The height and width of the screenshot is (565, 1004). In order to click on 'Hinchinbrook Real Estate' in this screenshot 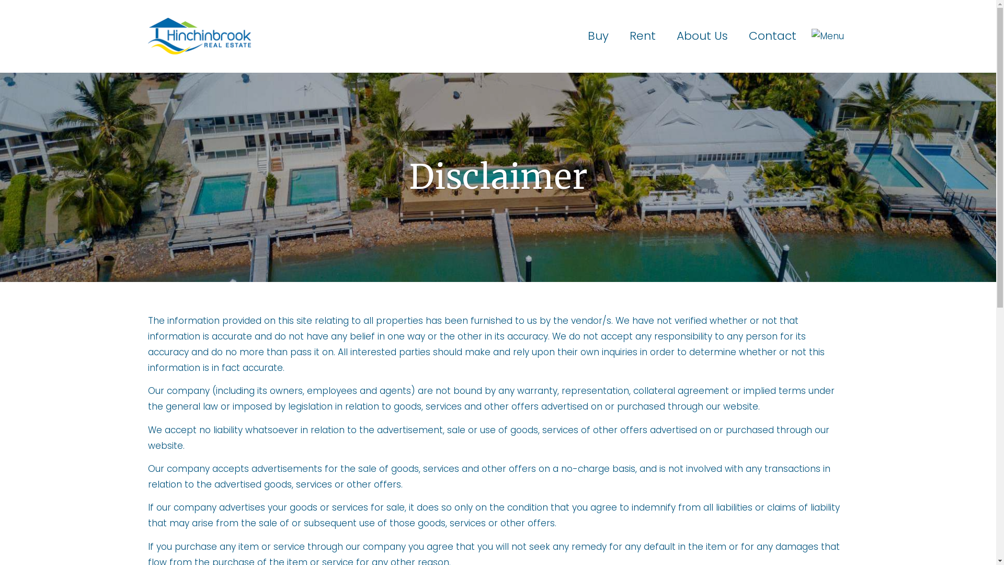, I will do `click(199, 35)`.